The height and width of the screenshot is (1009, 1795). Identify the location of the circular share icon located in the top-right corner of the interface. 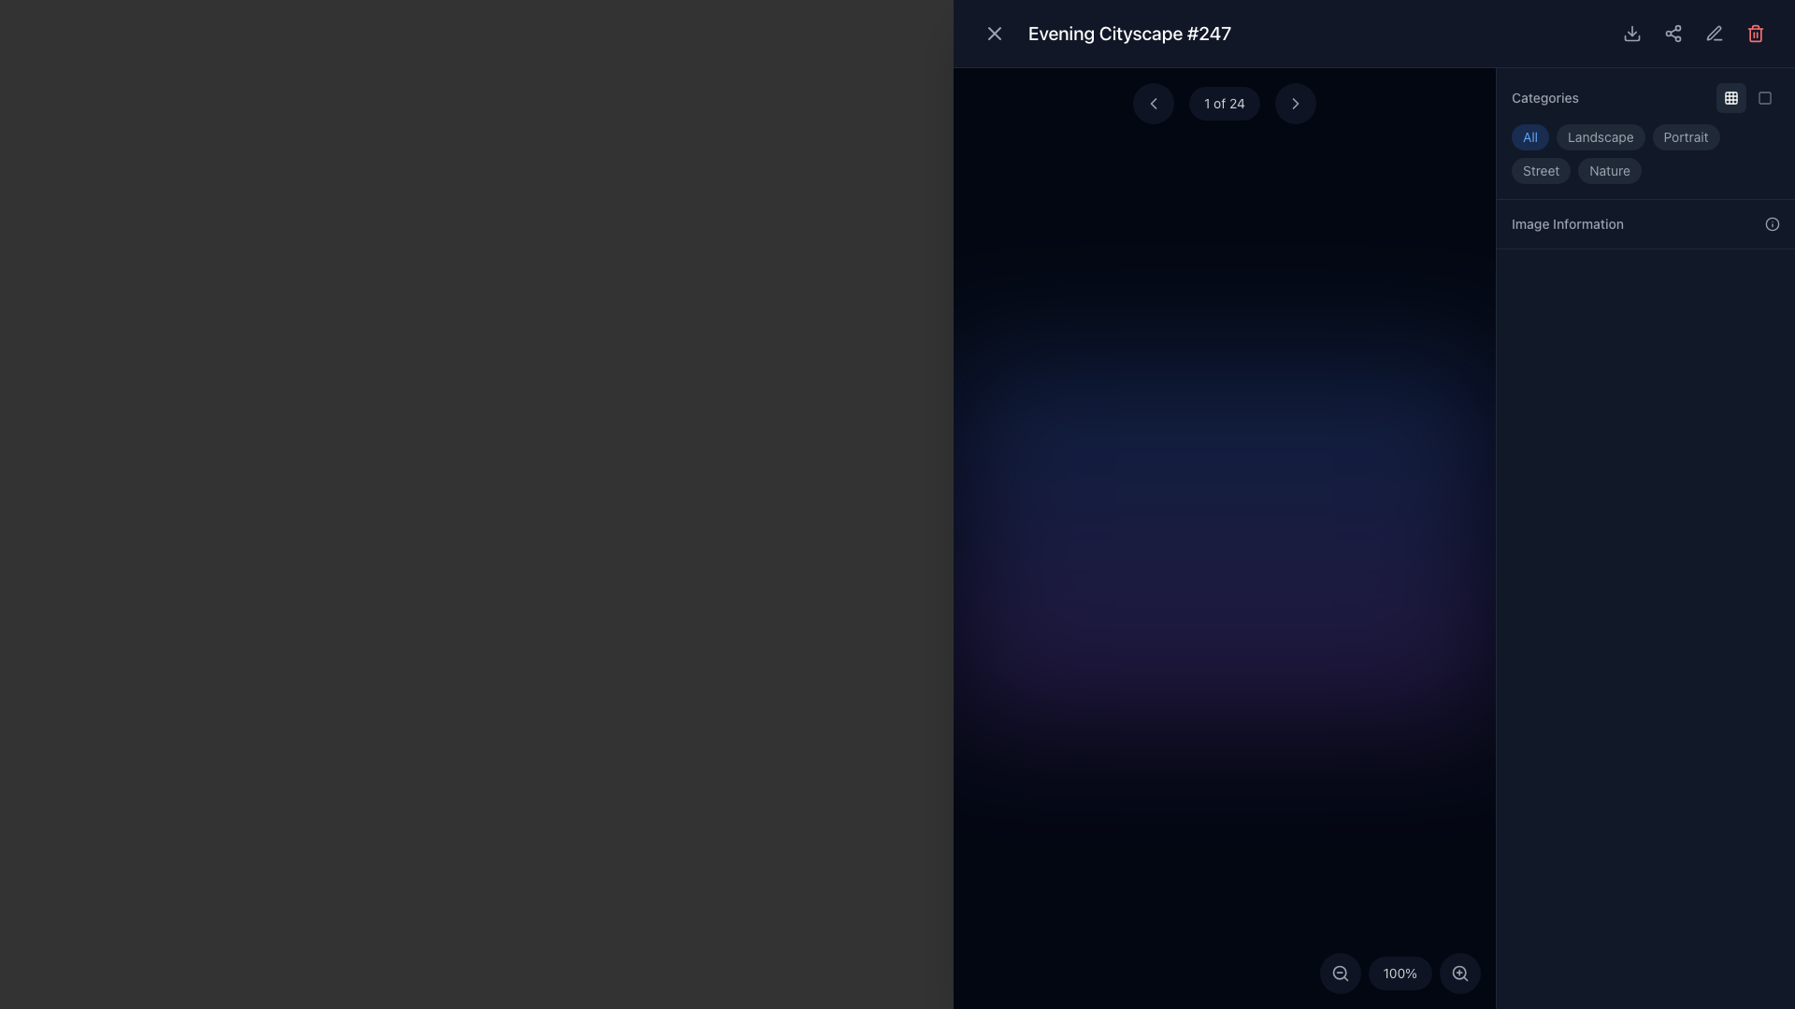
(1673, 33).